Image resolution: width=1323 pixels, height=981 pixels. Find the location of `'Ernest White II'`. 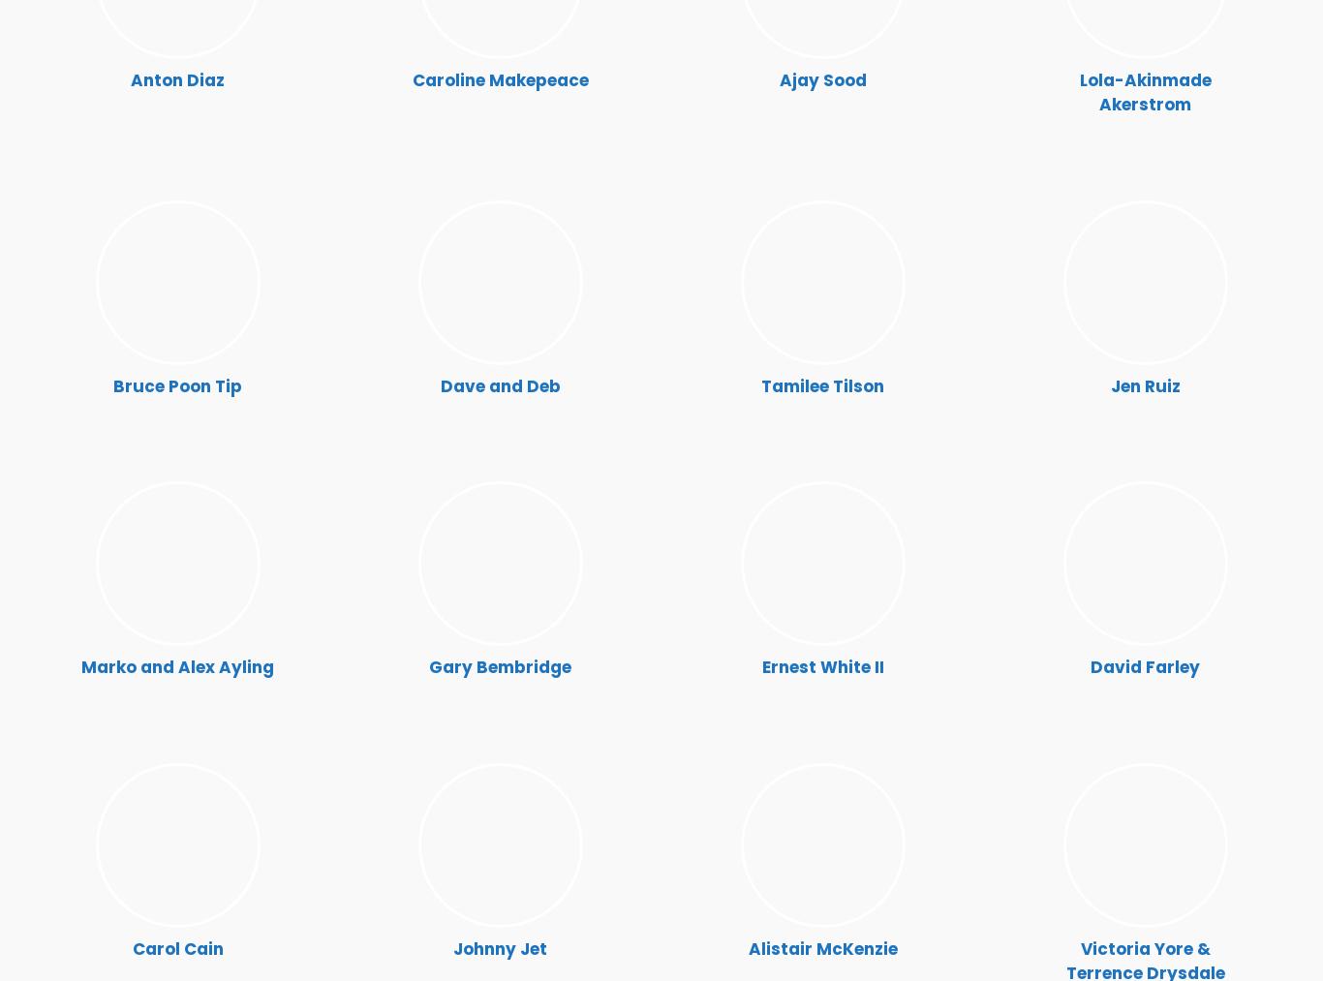

'Ernest White II' is located at coordinates (820, 666).